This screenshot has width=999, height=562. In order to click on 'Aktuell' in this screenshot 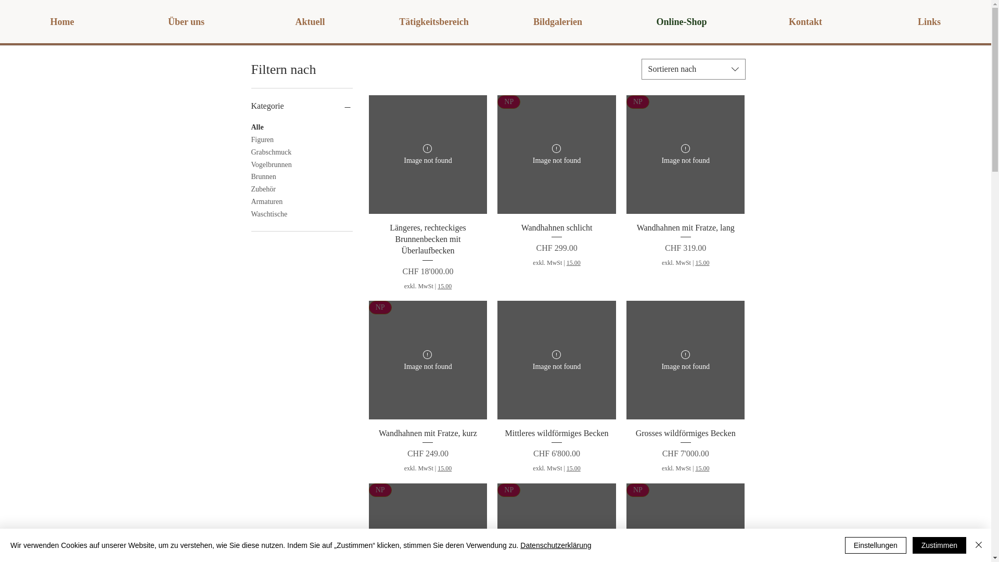, I will do `click(309, 22)`.